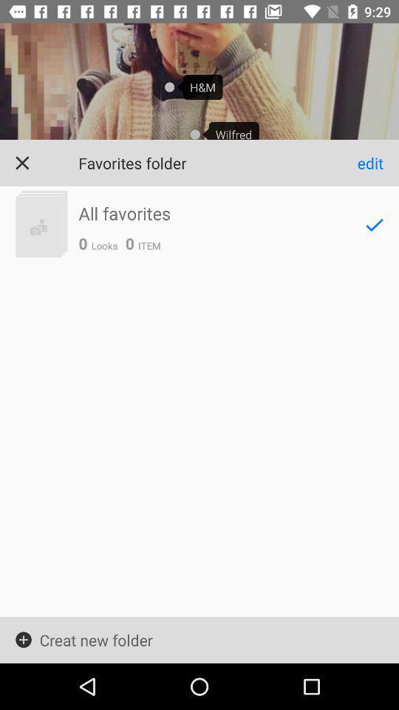 The height and width of the screenshot is (710, 399). What do you see at coordinates (21, 163) in the screenshot?
I see `the close icon` at bounding box center [21, 163].